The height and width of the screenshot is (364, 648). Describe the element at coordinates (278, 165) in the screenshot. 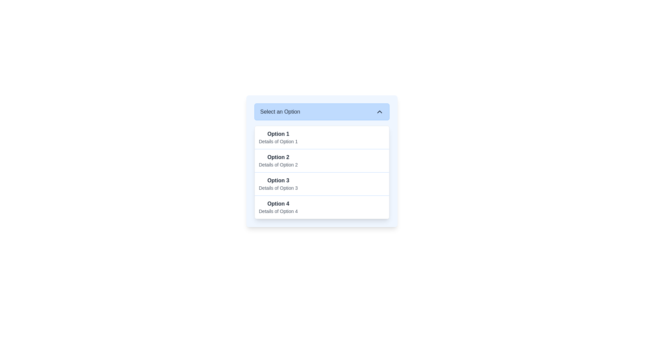

I see `the text label that contains the text 'Details of Option 2', which is styled in a smaller font size and muted gray color, located beneath the row title 'Option 2' in the dropdown menu` at that location.